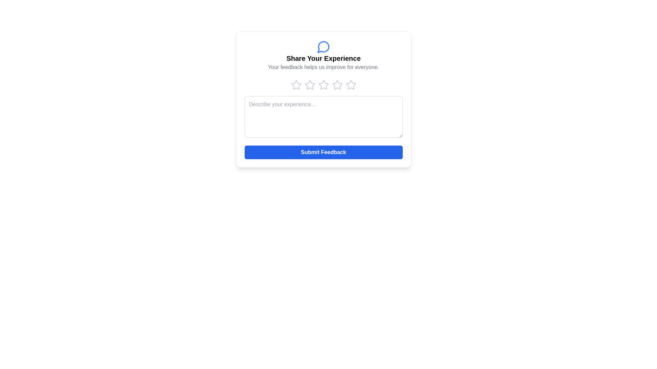 The height and width of the screenshot is (369, 657). What do you see at coordinates (309, 85) in the screenshot?
I see `the third star icon in the rating option` at bounding box center [309, 85].